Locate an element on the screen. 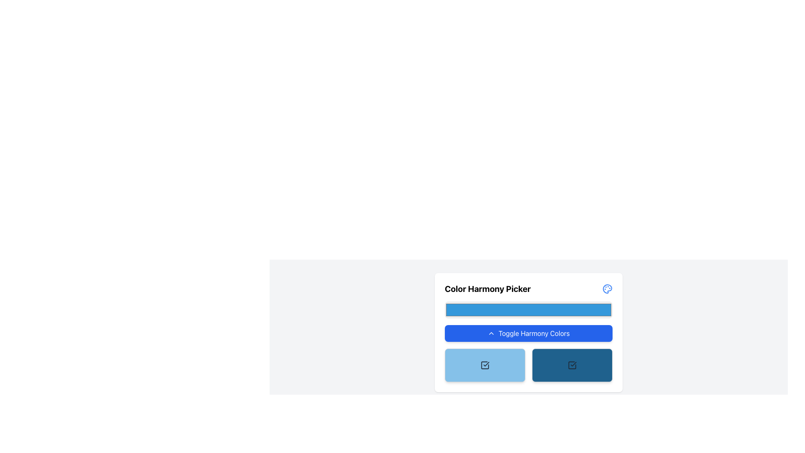  the decorative icon associated with the 'Color Harmony Picker' functionality, located in the top right corner of the card-like component is located at coordinates (608, 289).